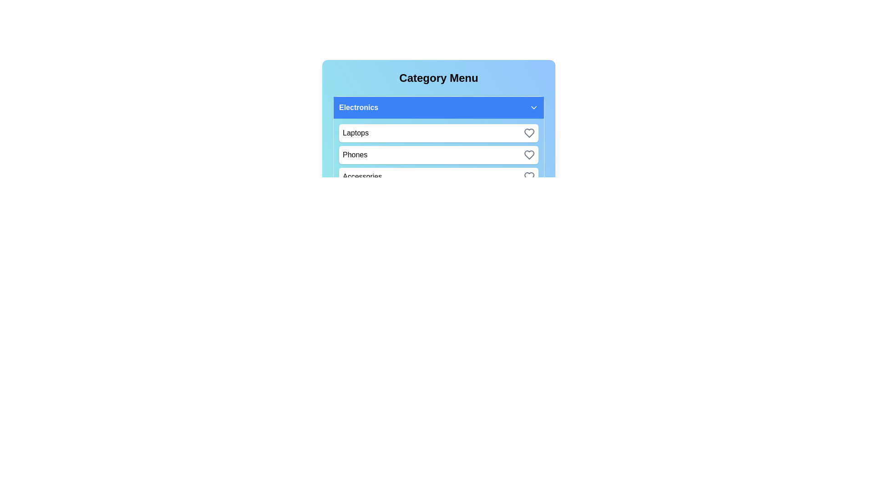 This screenshot has height=491, width=874. What do you see at coordinates (355, 154) in the screenshot?
I see `text displayed in the text label that shows the word 'Phones', which is styled in black and positioned under the 'Laptops' item in the Electronics category` at bounding box center [355, 154].